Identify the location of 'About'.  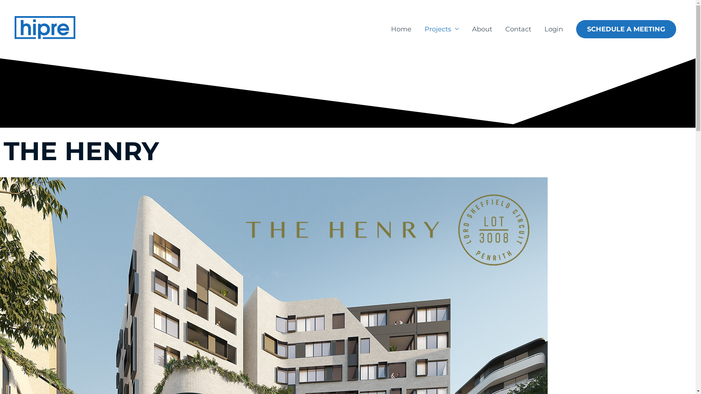
(482, 29).